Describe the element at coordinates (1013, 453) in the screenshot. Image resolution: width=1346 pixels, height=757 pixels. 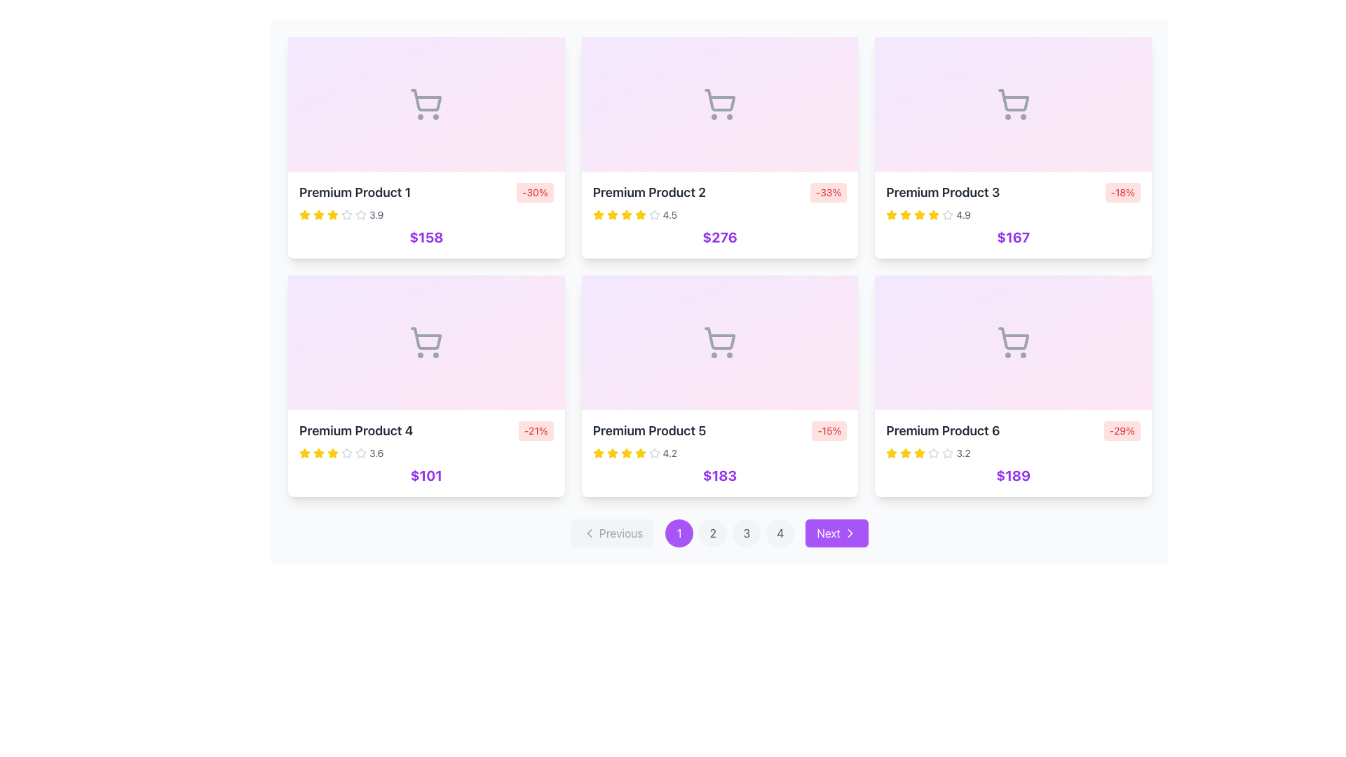
I see `the informational card located in the bottom-right corner of a 2x3 grid` at that location.